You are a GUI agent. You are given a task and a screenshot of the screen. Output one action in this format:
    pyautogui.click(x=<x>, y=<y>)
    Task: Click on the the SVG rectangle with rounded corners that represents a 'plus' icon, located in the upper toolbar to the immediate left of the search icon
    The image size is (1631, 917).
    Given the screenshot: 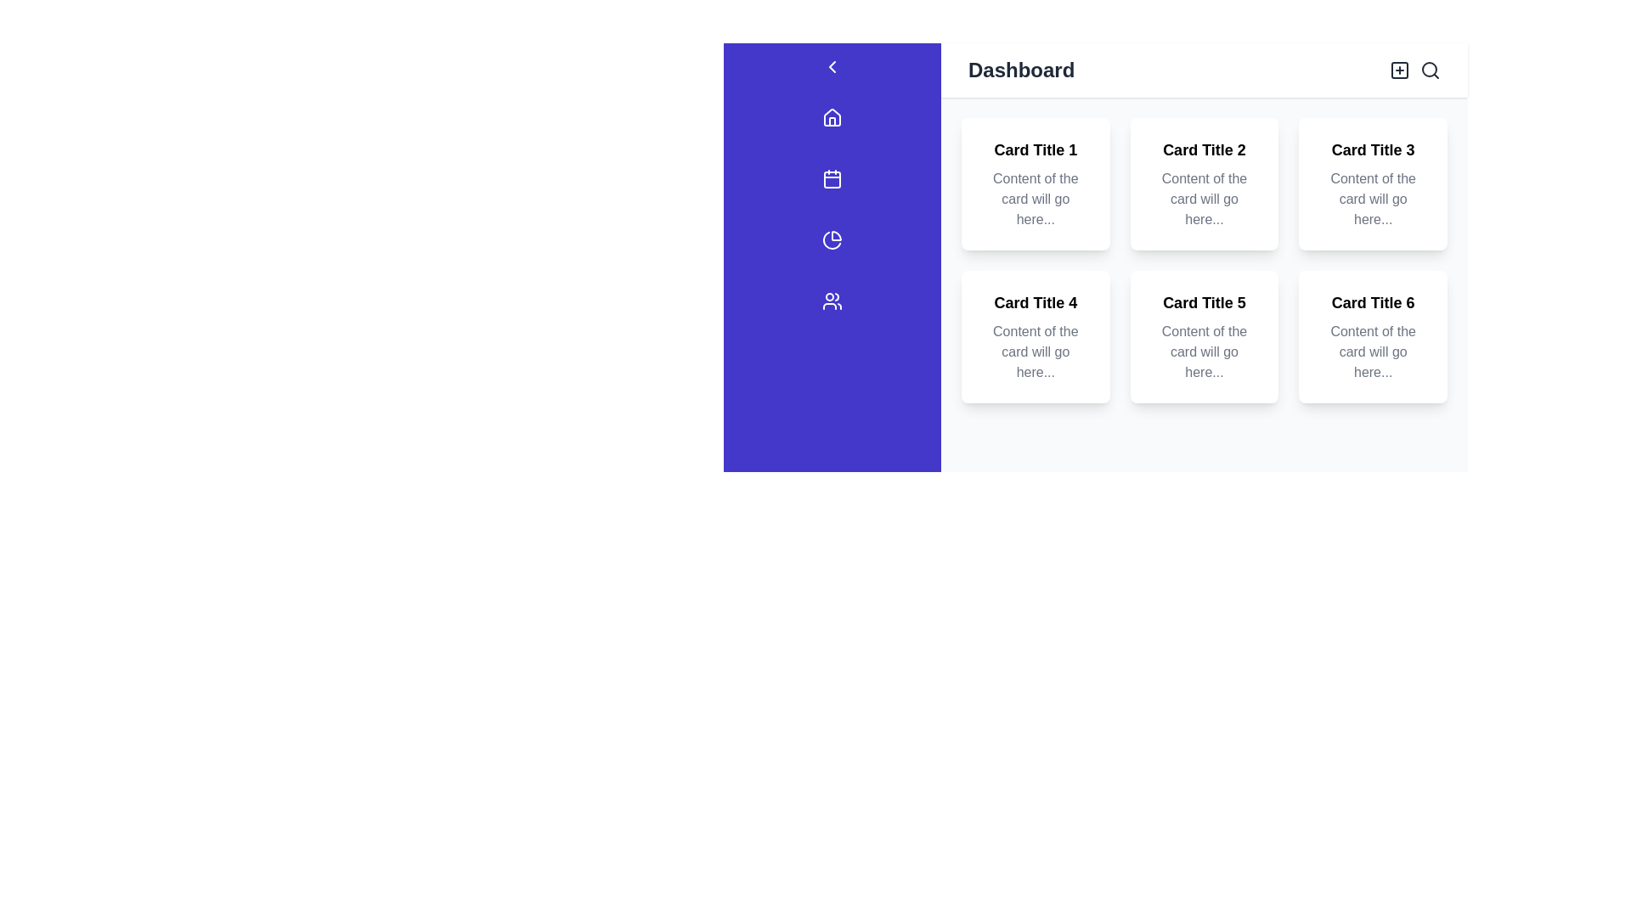 What is the action you would take?
    pyautogui.click(x=1399, y=70)
    